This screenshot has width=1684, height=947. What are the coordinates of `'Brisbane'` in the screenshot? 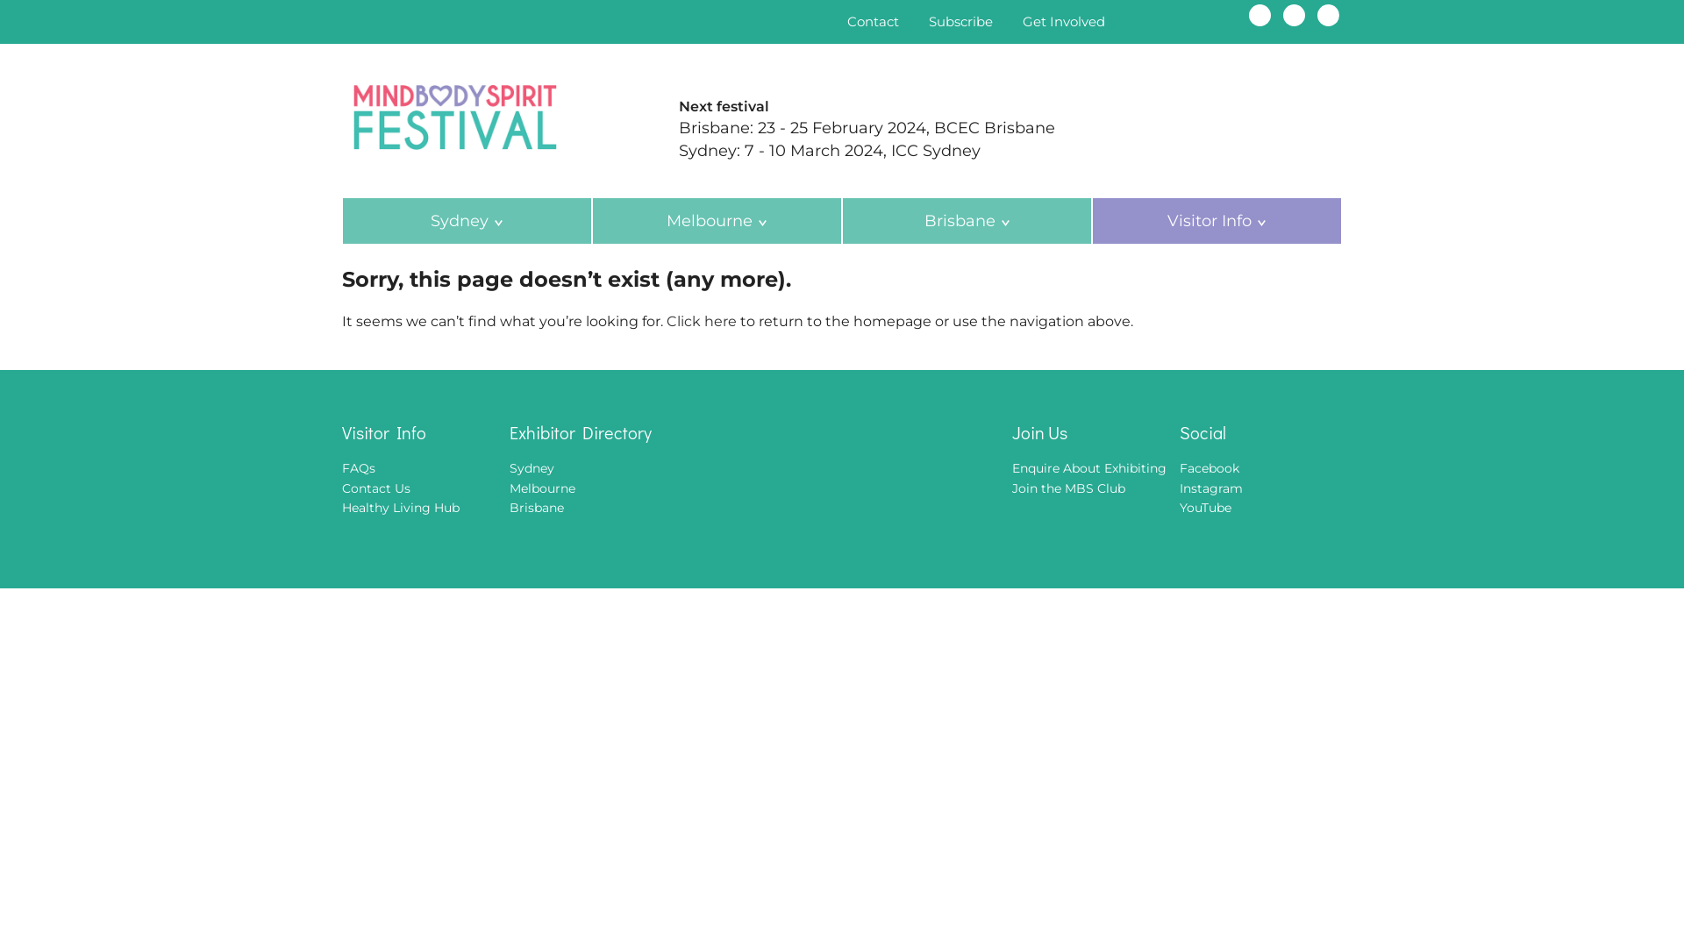 It's located at (966, 219).